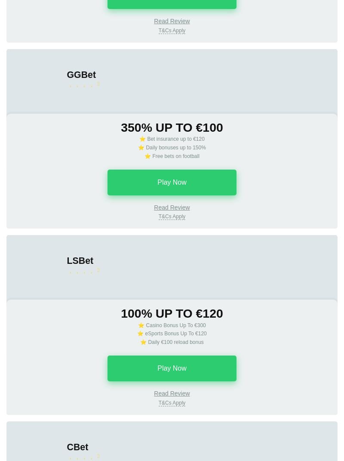 This screenshot has width=344, height=461. Describe the element at coordinates (171, 285) in the screenshot. I see `'A mandatory condition for getting a bonus is to activate the promotion before depositing the required amount. The minimum required amount of the first deposit must be made within 3 days after the bonus activation, and the second - within 14 days. If there are no deposits in the specified period, the bonus will expire. To get a bonus, the amount of the first and the second deposits should be not less than €4; Maximum amount of the bonus received is €100 for each of the deposits. T&Cs Apply.'` at that location.